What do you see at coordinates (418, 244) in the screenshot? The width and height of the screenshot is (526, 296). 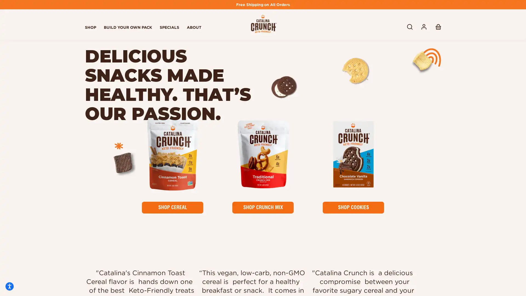 I see `SIGN UP` at bounding box center [418, 244].